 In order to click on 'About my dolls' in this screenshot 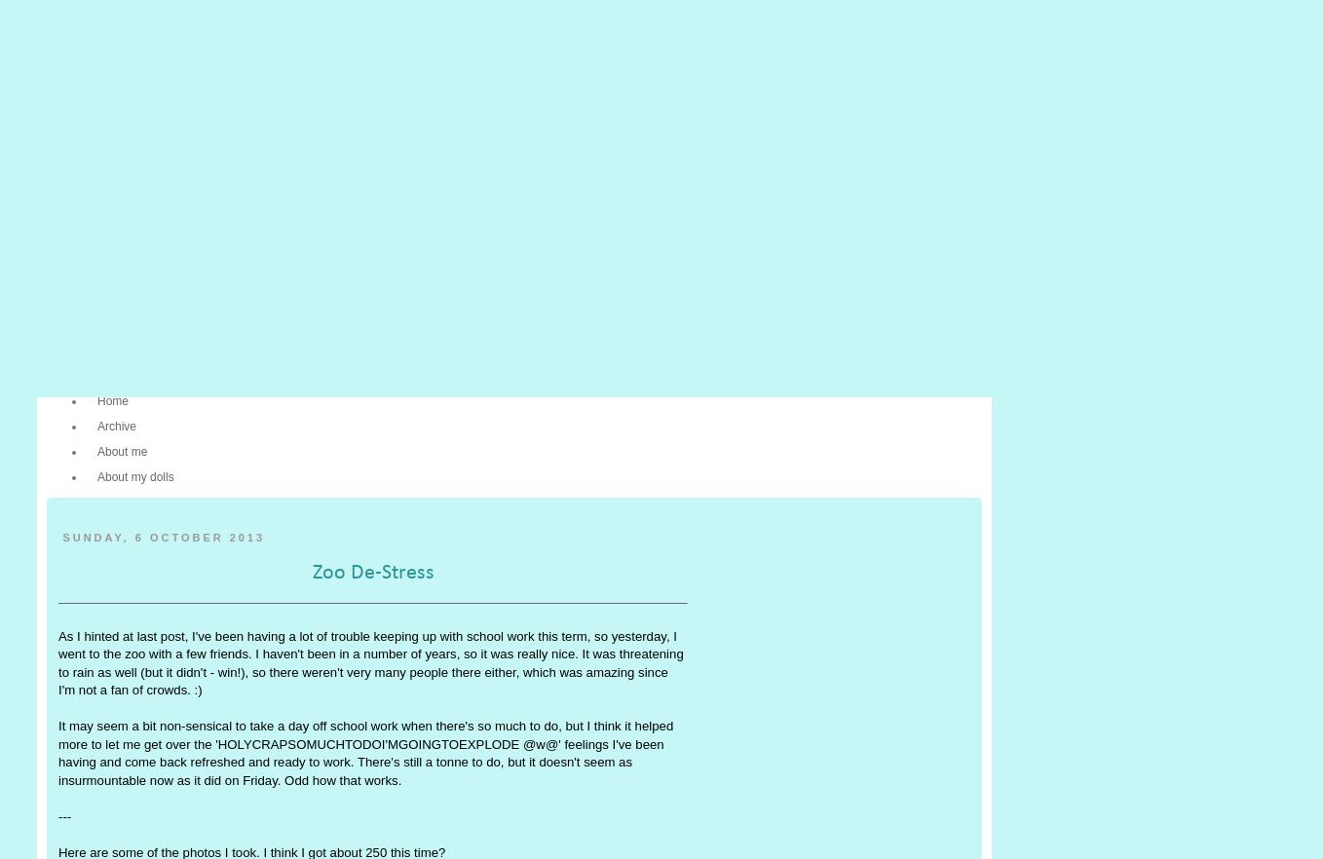, I will do `click(134, 476)`.